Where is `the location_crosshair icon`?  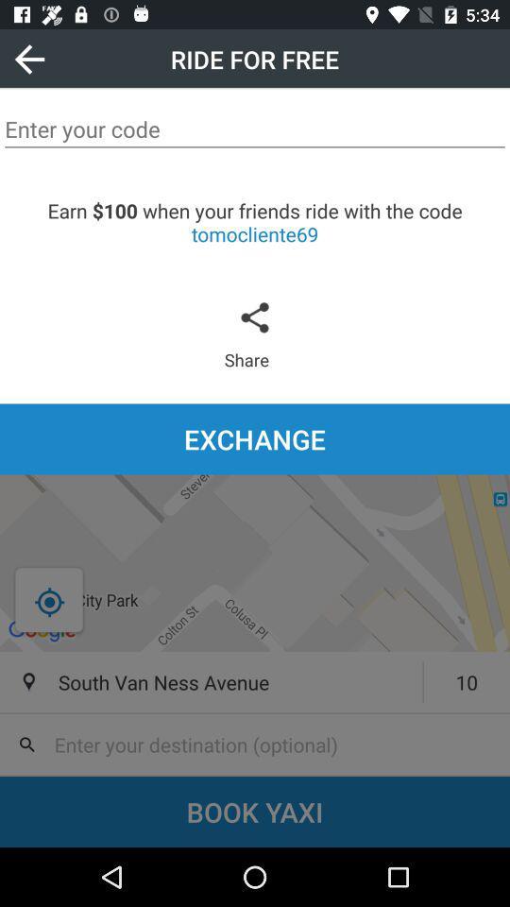 the location_crosshair icon is located at coordinates (49, 601).